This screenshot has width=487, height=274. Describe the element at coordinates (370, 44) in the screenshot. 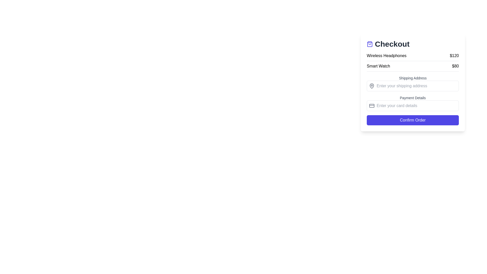

I see `the shopping bag icon, which is an indigo line-based SVG icon located to the left of the 'Checkout' text in the header section of the checkout interface` at that location.